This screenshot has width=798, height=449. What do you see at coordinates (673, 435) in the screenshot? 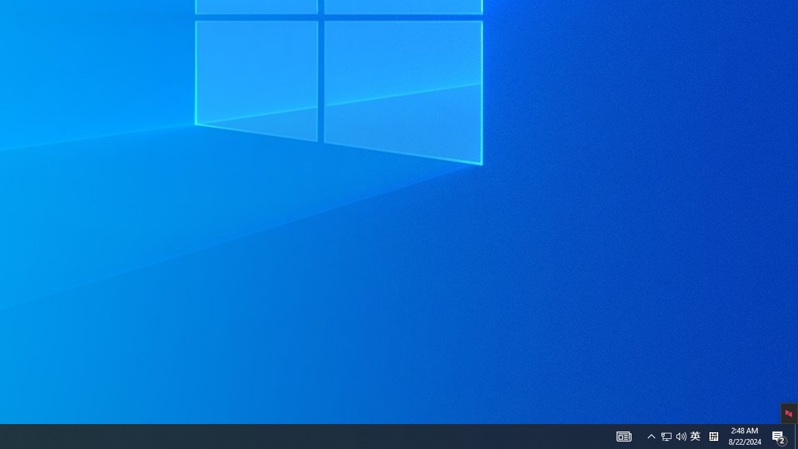
I see `'Q2790: 100%'` at bounding box center [673, 435].